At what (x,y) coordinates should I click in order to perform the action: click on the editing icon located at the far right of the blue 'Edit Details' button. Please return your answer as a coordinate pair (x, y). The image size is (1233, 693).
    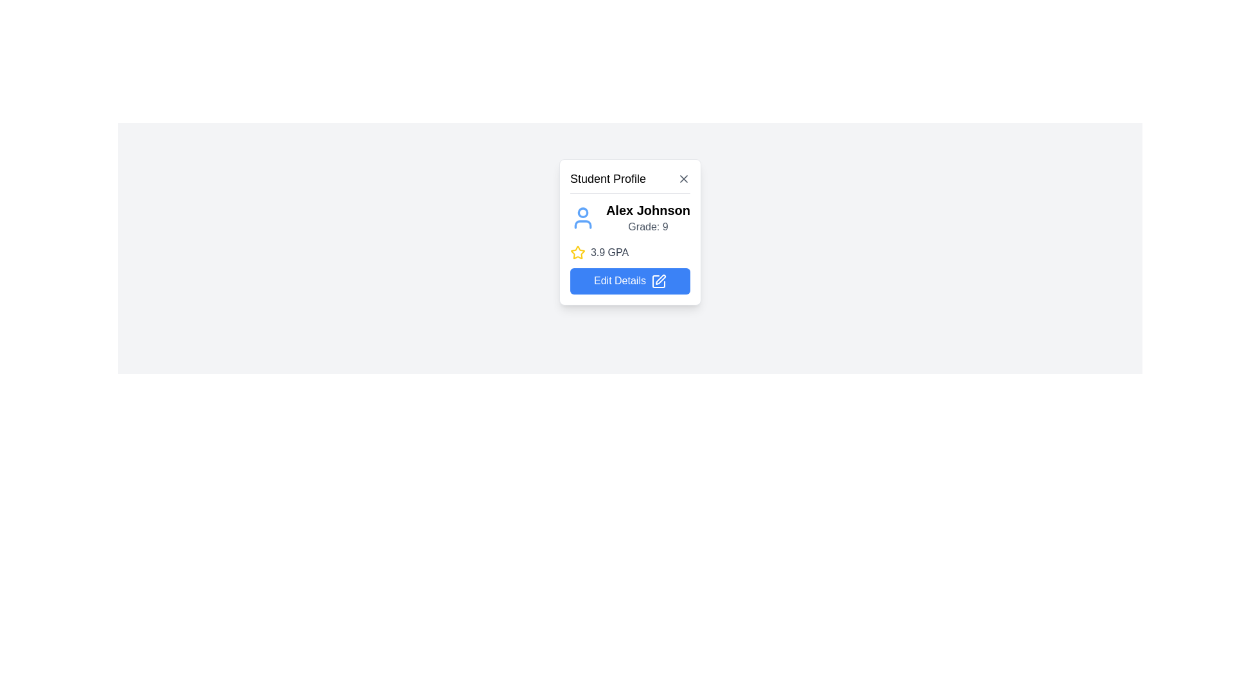
    Looking at the image, I should click on (660, 278).